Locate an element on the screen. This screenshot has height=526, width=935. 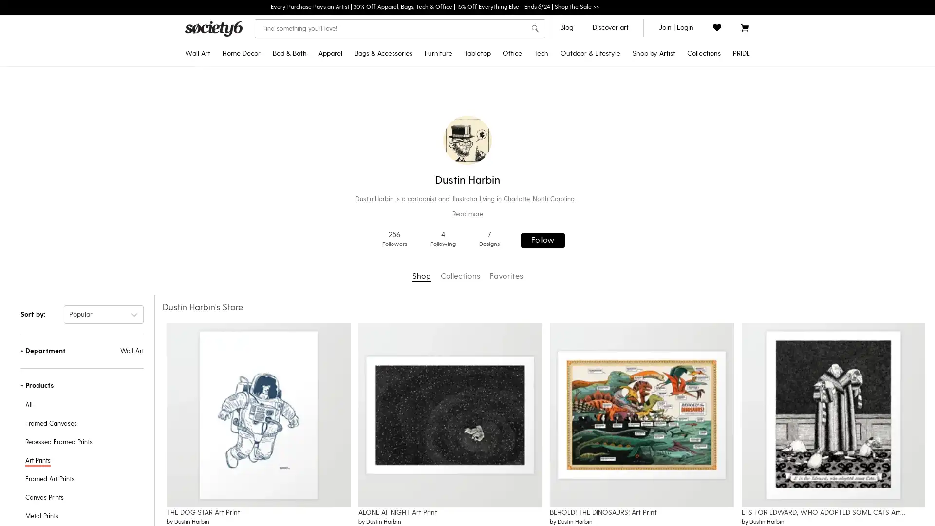
iPhone Skins is located at coordinates (576, 250).